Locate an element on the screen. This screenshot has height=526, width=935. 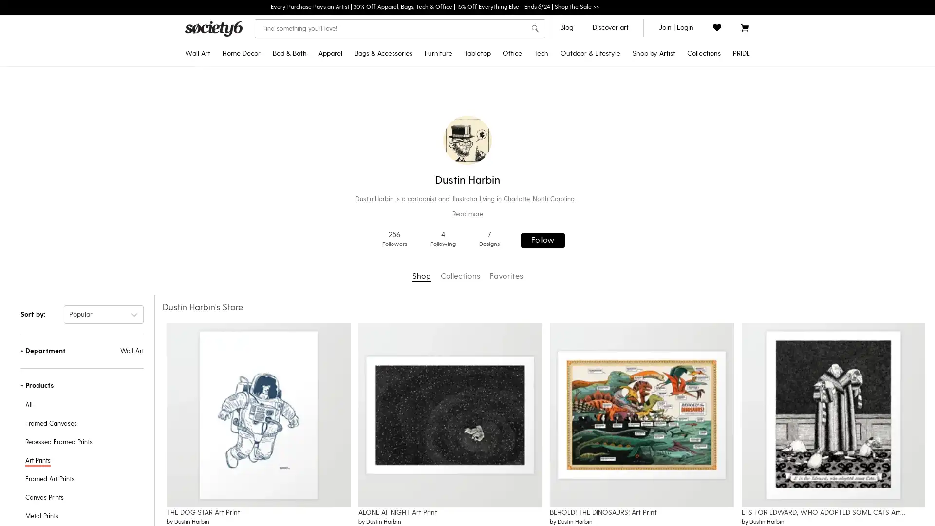
iPhone Skins is located at coordinates (576, 250).